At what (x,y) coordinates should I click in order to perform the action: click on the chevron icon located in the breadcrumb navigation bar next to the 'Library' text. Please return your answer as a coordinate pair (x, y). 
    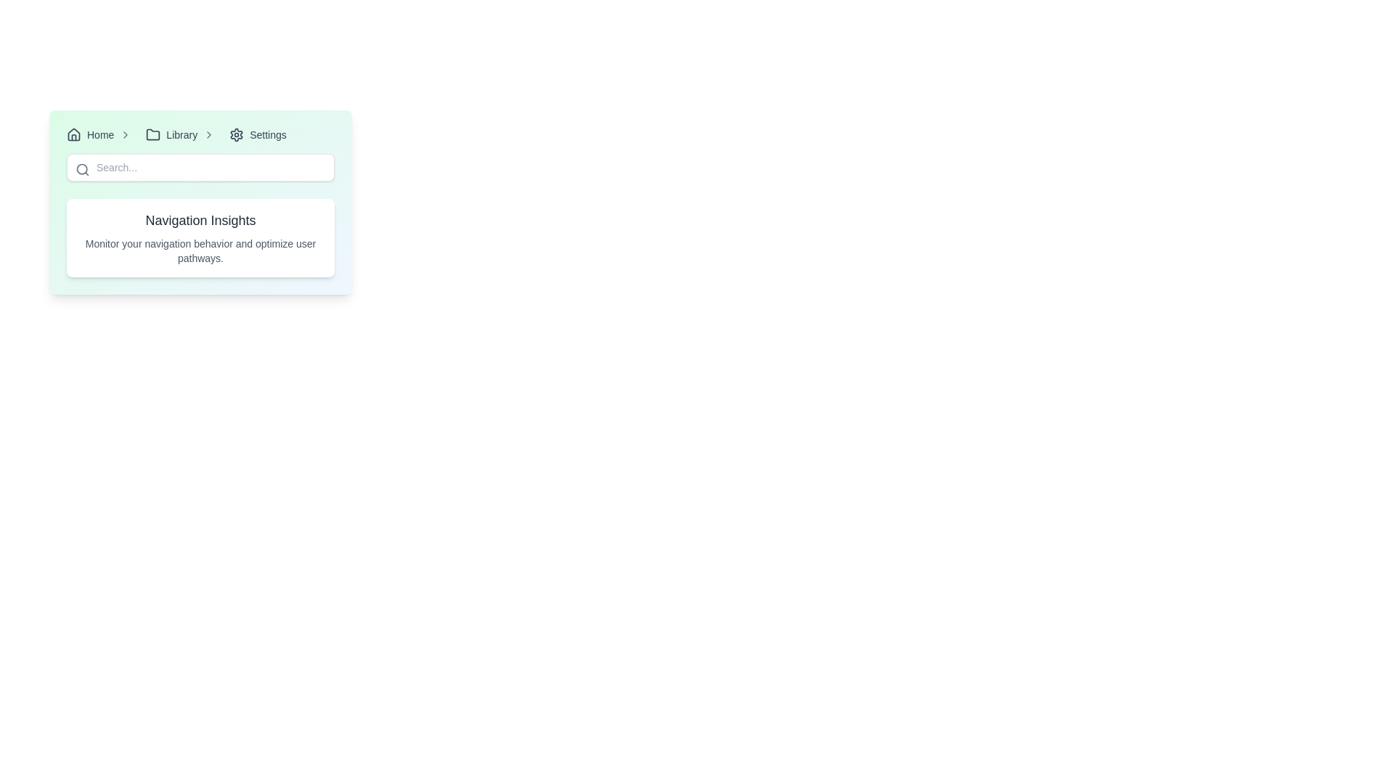
    Looking at the image, I should click on (208, 134).